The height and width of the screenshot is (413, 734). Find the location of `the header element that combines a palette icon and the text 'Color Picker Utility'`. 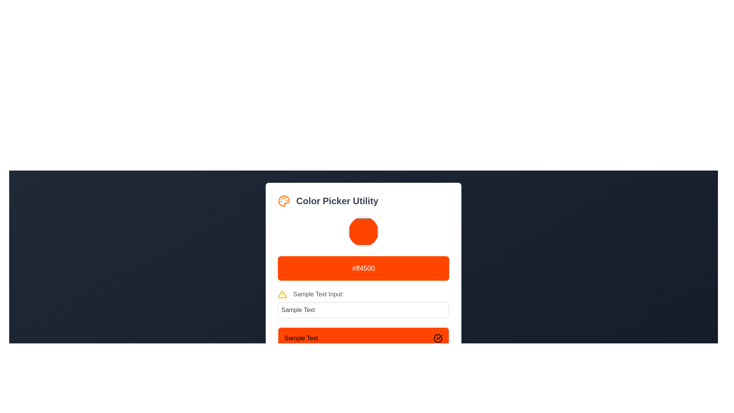

the header element that combines a palette icon and the text 'Color Picker Utility' is located at coordinates (363, 200).